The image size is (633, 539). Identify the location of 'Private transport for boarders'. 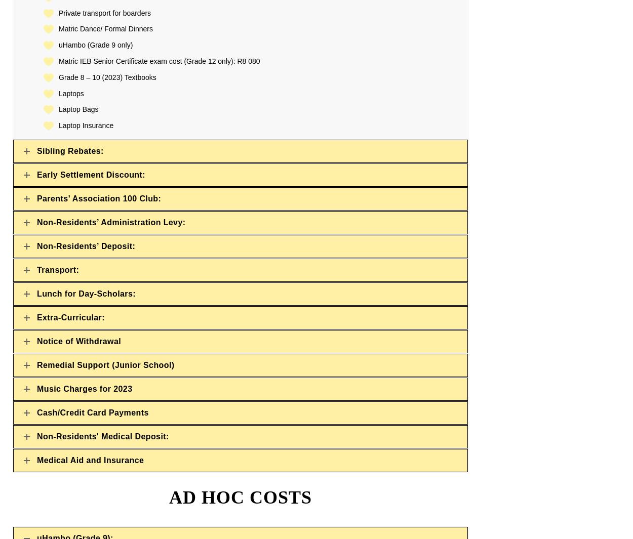
(58, 12).